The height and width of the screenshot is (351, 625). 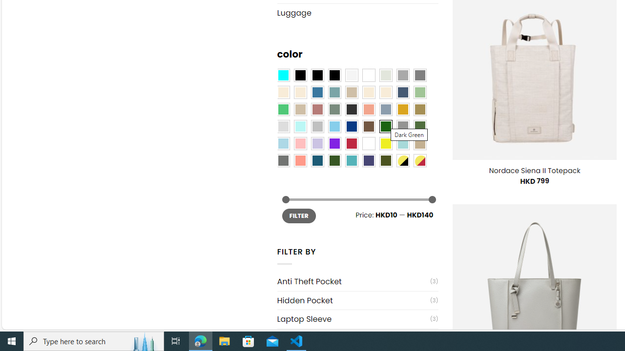 I want to click on 'Navy Blue', so click(x=352, y=126).